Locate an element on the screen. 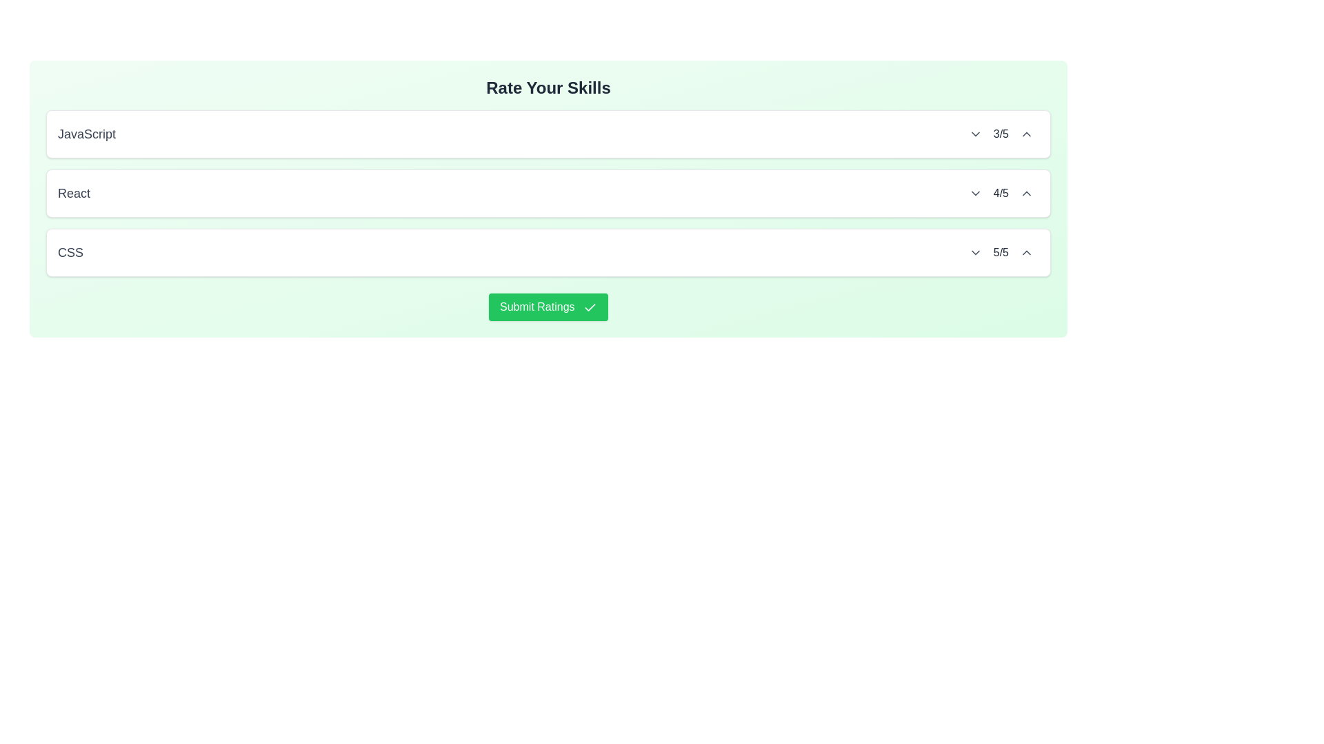 This screenshot has width=1324, height=744. the submit button to finalize ratings is located at coordinates (548, 307).